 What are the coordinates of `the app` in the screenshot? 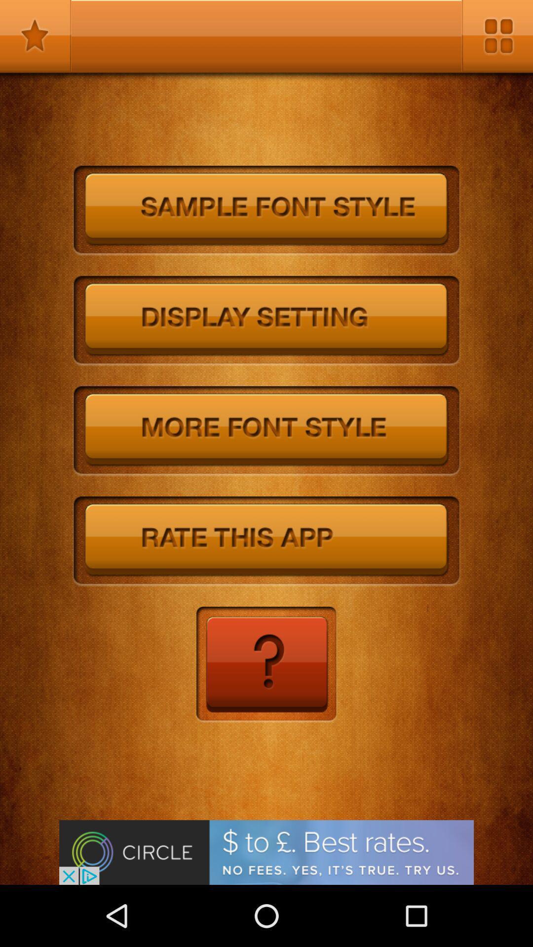 It's located at (35, 36).